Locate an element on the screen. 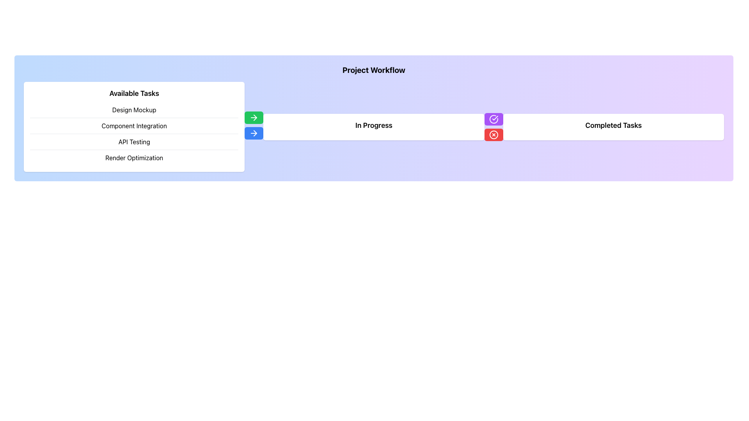  the right-pointing arrow icon located within a green button in the 'Available Tasks' section to move the task is located at coordinates (254, 117).